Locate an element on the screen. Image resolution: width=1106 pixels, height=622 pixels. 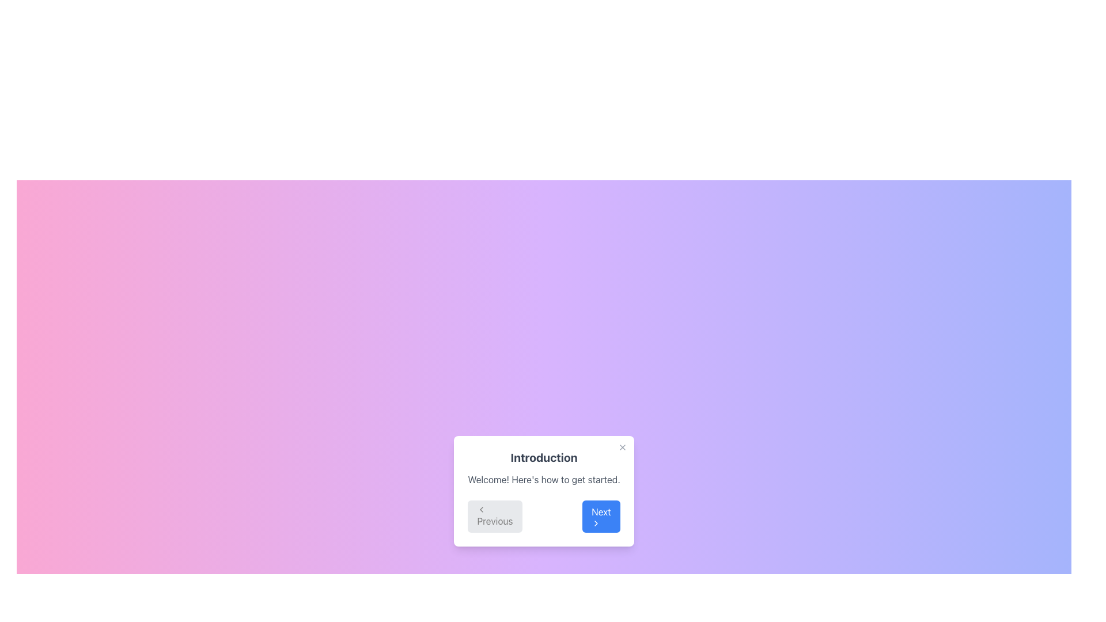
the close button with an 'X' symbol located in the top-right corner of the dialog box is located at coordinates (622, 446).